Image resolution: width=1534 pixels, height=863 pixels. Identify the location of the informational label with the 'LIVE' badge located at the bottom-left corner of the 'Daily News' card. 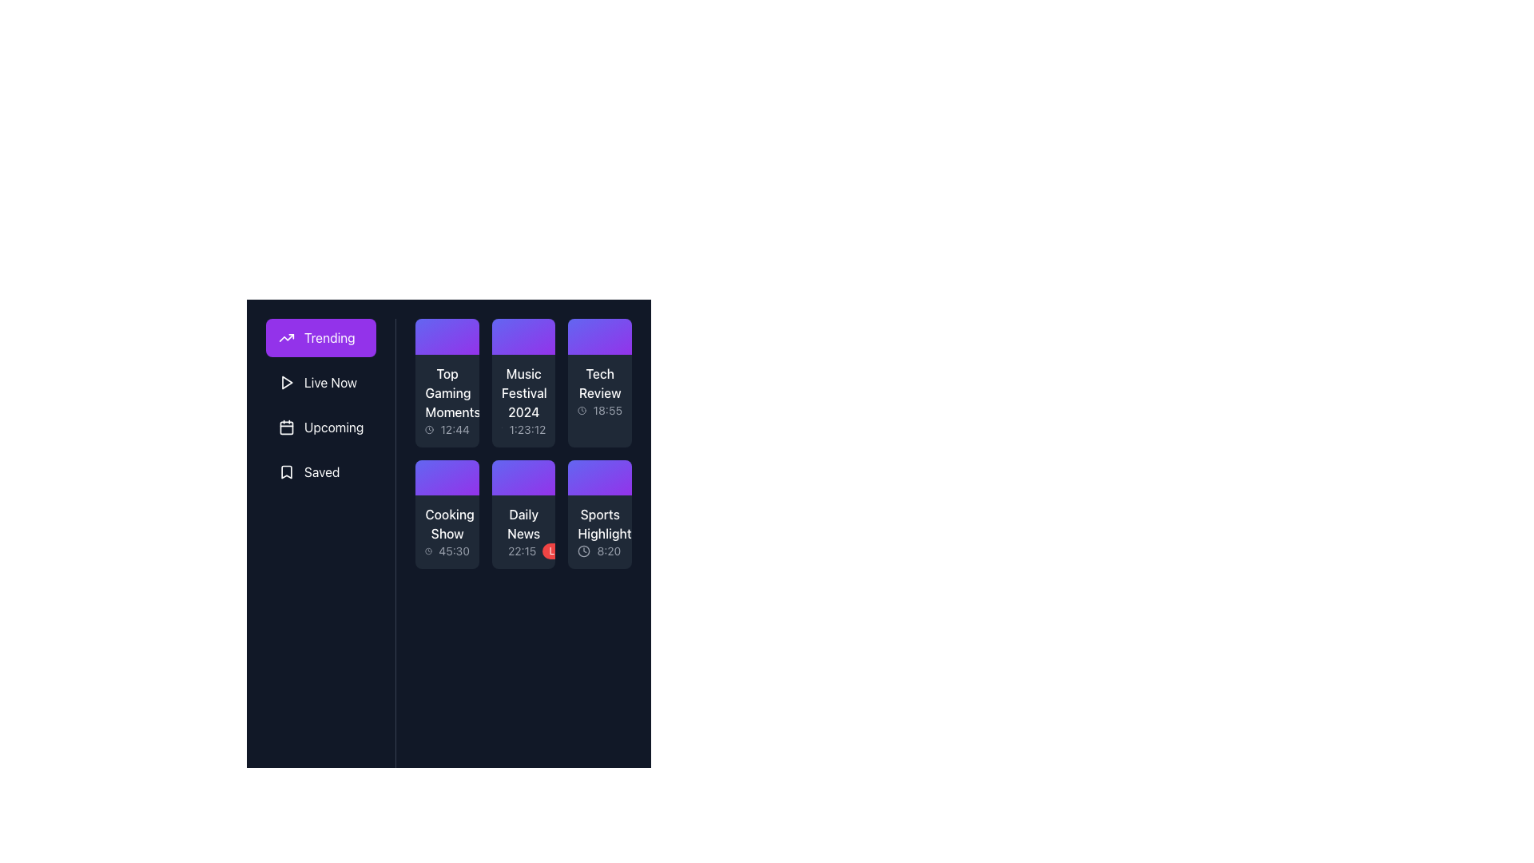
(523, 551).